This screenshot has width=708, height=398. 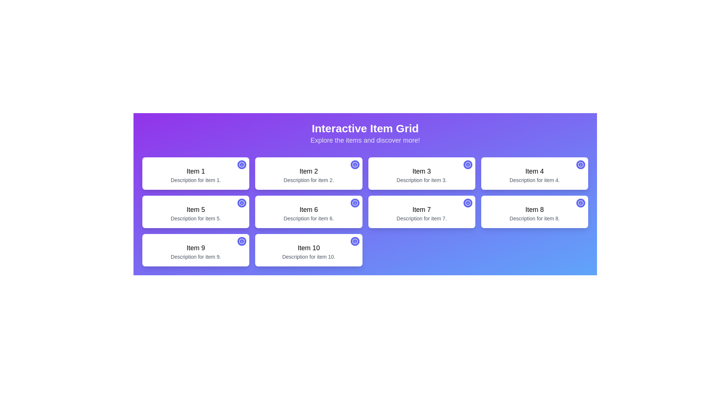 What do you see at coordinates (196, 171) in the screenshot?
I see `text label 'Item 1' which is prominently displayed in a larger font within the top-left card of a 3x4 grid layout` at bounding box center [196, 171].